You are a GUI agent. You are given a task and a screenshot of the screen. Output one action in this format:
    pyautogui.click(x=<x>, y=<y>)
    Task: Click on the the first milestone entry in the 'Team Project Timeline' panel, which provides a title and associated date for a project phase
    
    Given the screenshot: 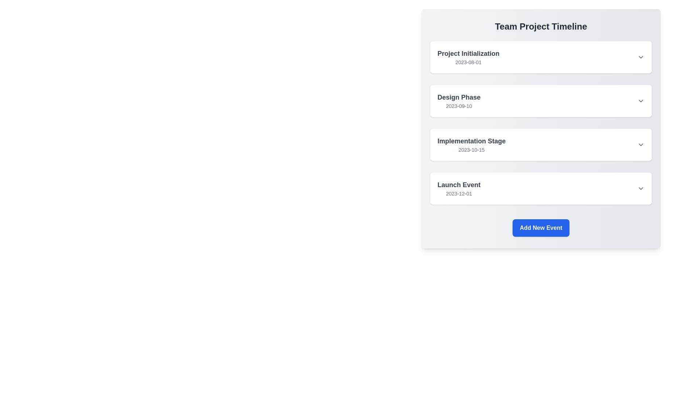 What is the action you would take?
    pyautogui.click(x=468, y=57)
    